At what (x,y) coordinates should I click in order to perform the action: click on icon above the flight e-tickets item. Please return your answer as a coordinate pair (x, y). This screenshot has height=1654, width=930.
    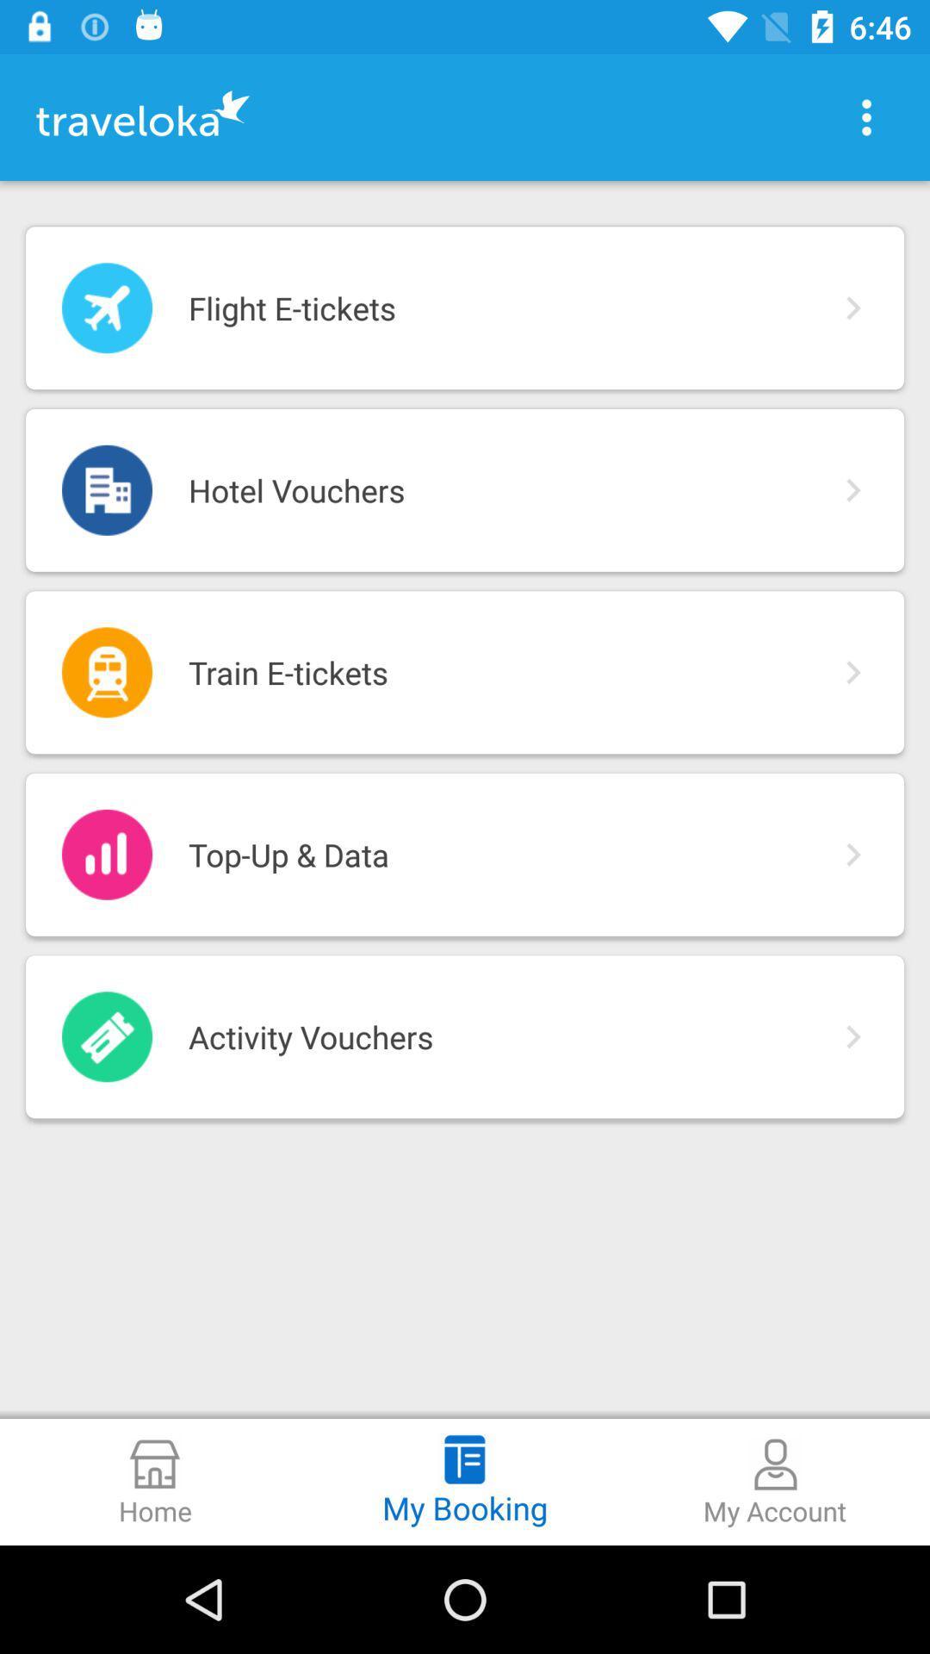
    Looking at the image, I should click on (866, 116).